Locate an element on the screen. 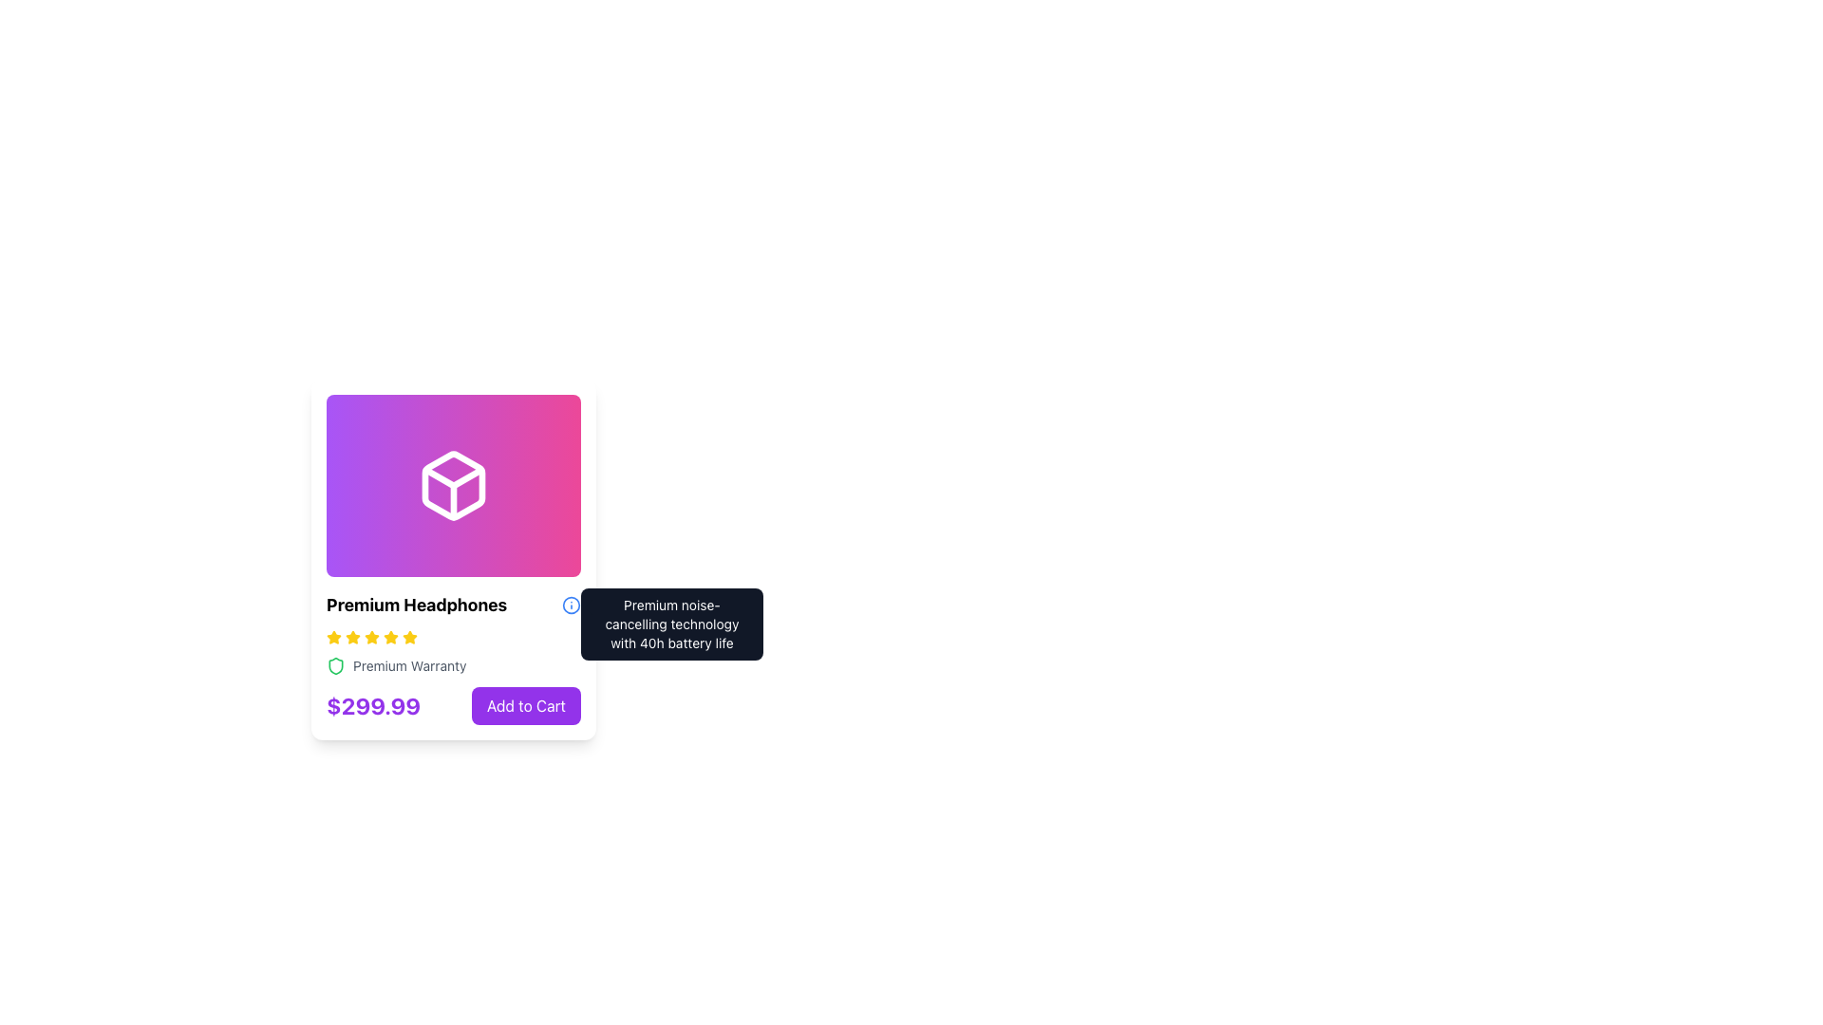 The height and width of the screenshot is (1025, 1823). the fourth star in the rating system under the 'Premium Headphones' title is located at coordinates (372, 637).